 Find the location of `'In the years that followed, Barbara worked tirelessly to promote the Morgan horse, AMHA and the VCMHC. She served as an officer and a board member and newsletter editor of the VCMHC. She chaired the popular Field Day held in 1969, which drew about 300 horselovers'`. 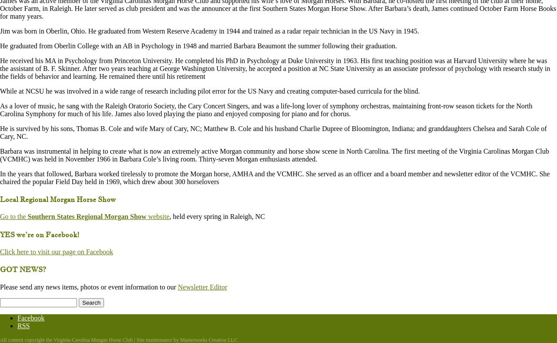

'In the years that followed, Barbara worked tirelessly to promote the Morgan horse, AMHA and the VCMHC. She served as an officer and a board member and newsletter editor of the VCMHC. She chaired the popular Field Day held in 1969, which drew about 300 horselovers' is located at coordinates (274, 177).